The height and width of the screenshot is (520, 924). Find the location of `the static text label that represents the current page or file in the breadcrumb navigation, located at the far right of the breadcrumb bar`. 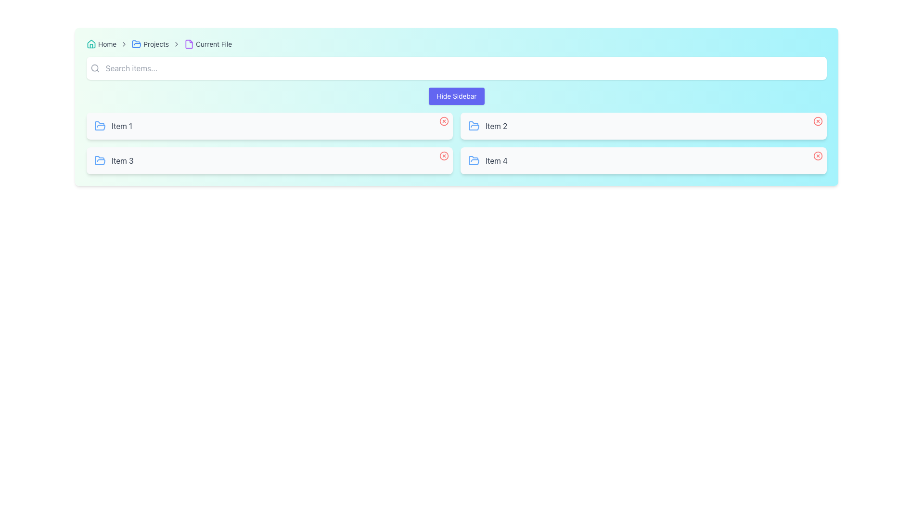

the static text label that represents the current page or file in the breadcrumb navigation, located at the far right of the breadcrumb bar is located at coordinates (213, 44).